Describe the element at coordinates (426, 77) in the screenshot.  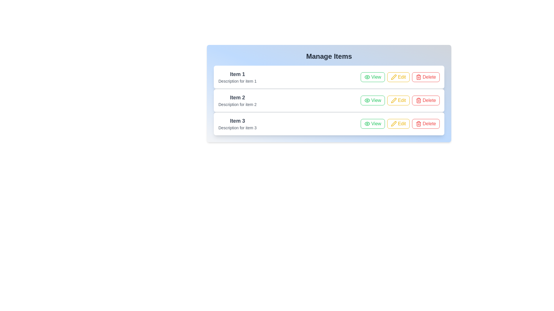
I see `delete button for the item labeled Item 1` at that location.